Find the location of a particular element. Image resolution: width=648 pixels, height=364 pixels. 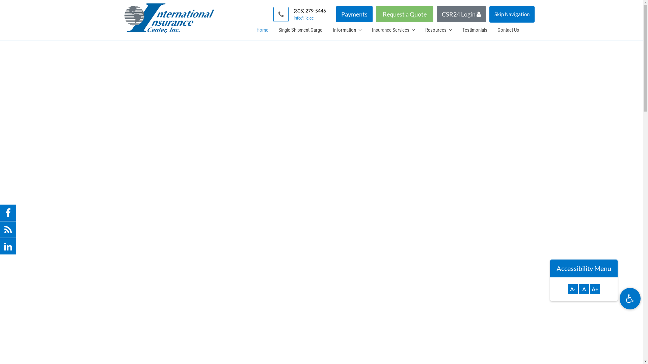

'Insurance Services' is located at coordinates (393, 29).